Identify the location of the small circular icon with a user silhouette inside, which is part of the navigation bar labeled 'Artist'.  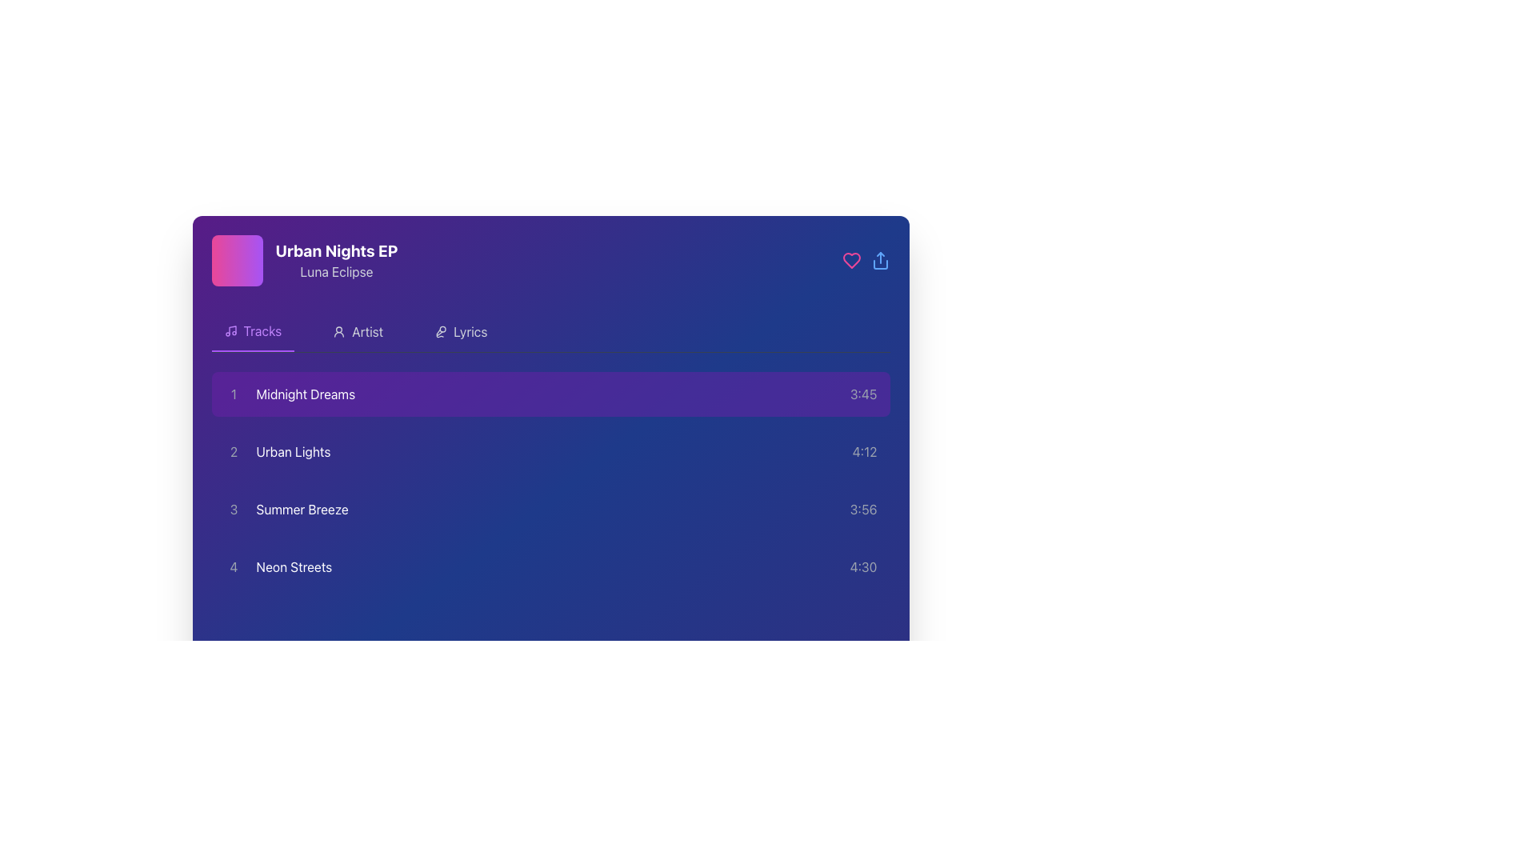
(338, 331).